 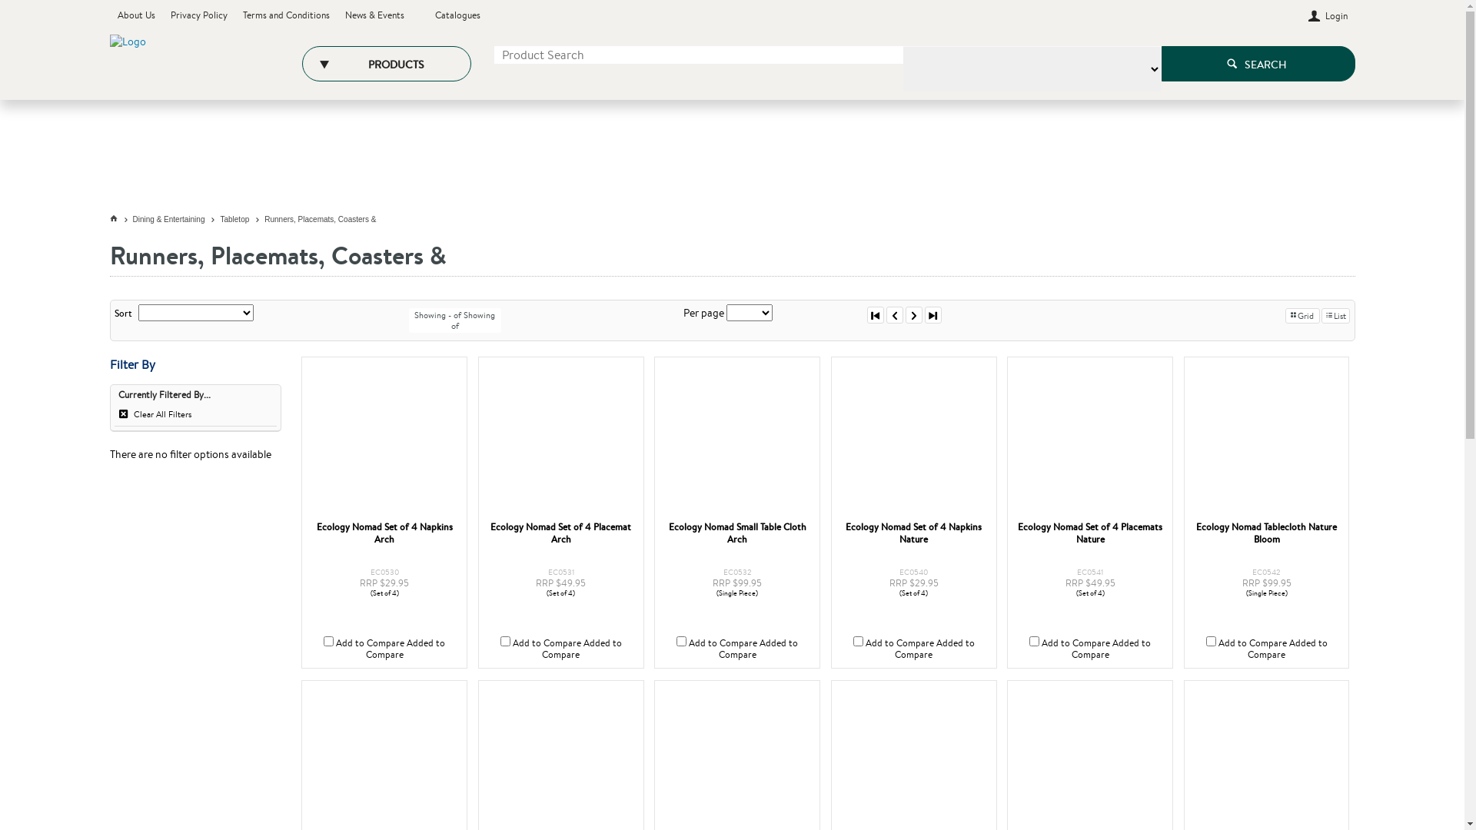 I want to click on 'Catalogues', so click(x=457, y=15).